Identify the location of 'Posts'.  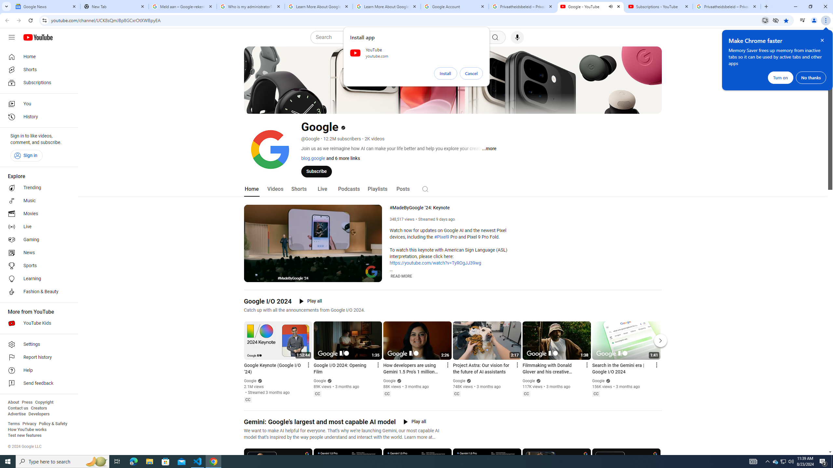
(402, 189).